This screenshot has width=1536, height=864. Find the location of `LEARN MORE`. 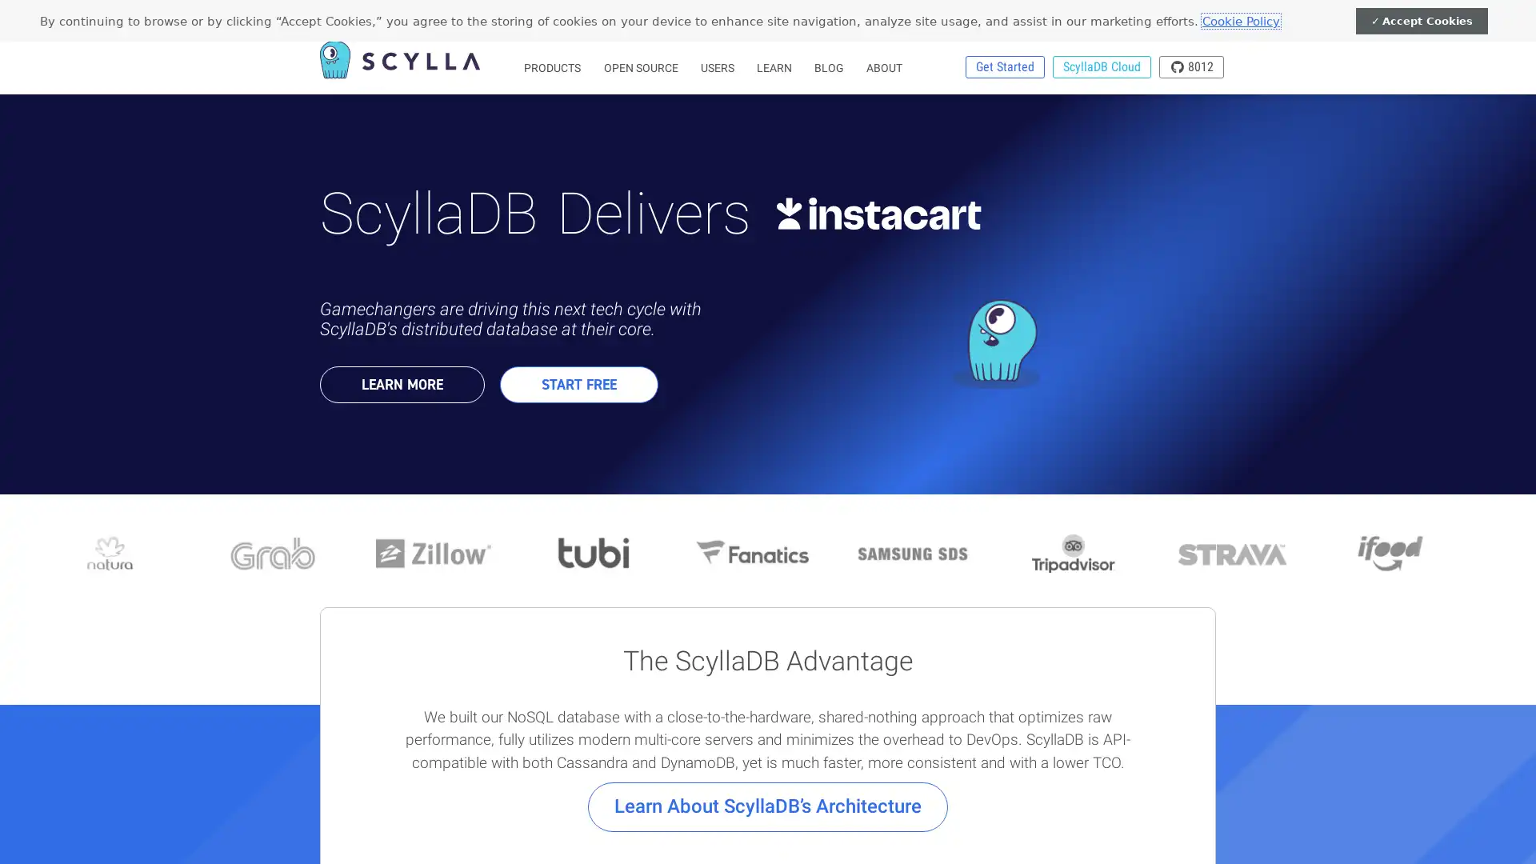

LEARN MORE is located at coordinates (402, 384).